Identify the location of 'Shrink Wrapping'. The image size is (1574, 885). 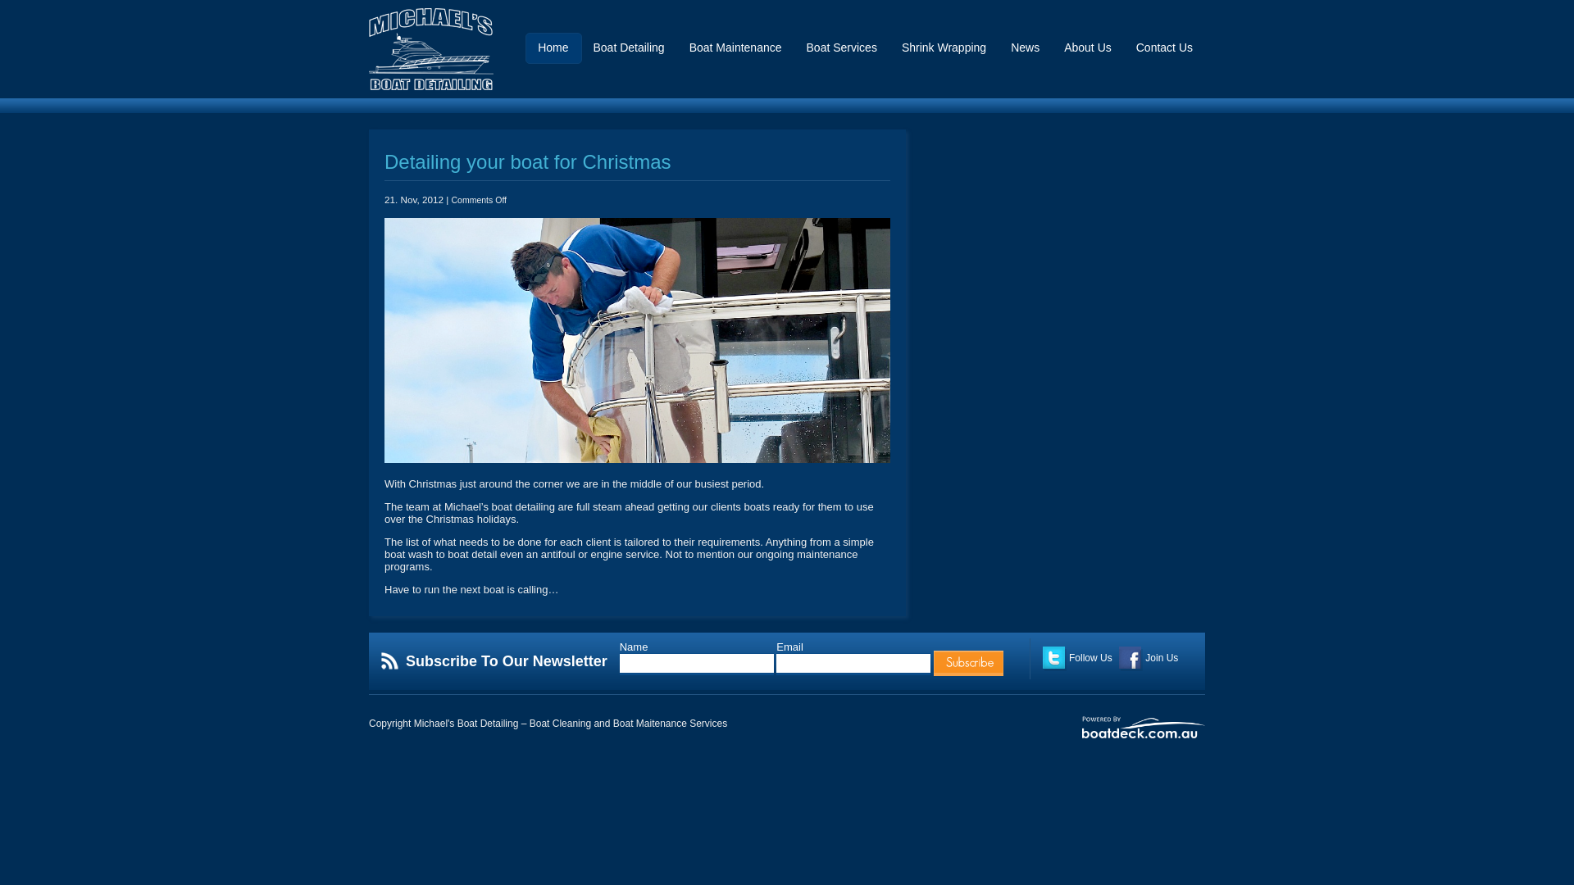
(900, 52).